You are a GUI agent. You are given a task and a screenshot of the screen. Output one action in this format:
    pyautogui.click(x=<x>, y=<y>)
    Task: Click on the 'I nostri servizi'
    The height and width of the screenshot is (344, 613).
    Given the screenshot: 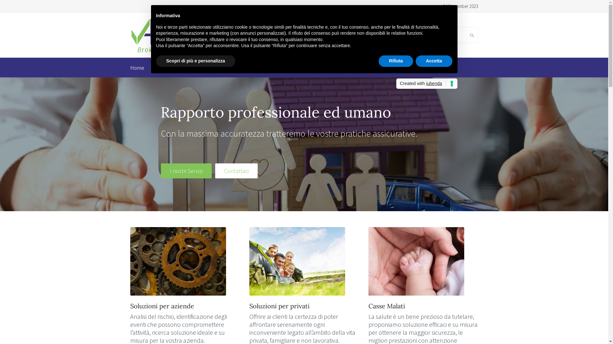 What is the action you would take?
    pyautogui.click(x=208, y=68)
    